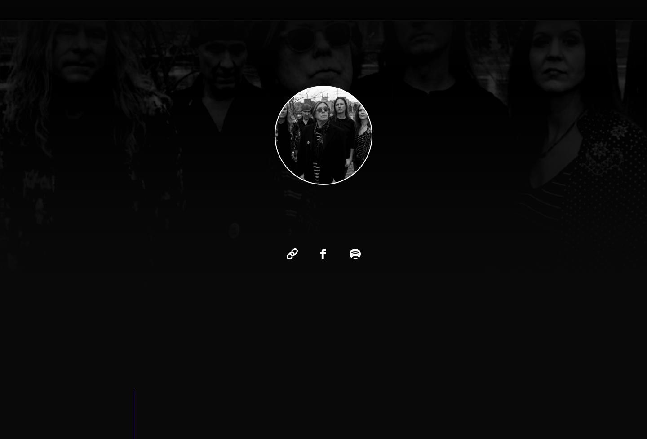 This screenshot has width=647, height=439. I want to click on '14', so click(285, 417).